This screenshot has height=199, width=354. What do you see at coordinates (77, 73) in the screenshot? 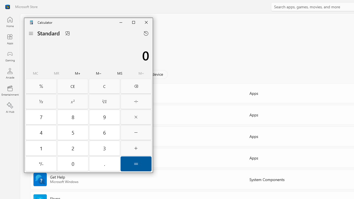
I see `'Memory add'` at bounding box center [77, 73].